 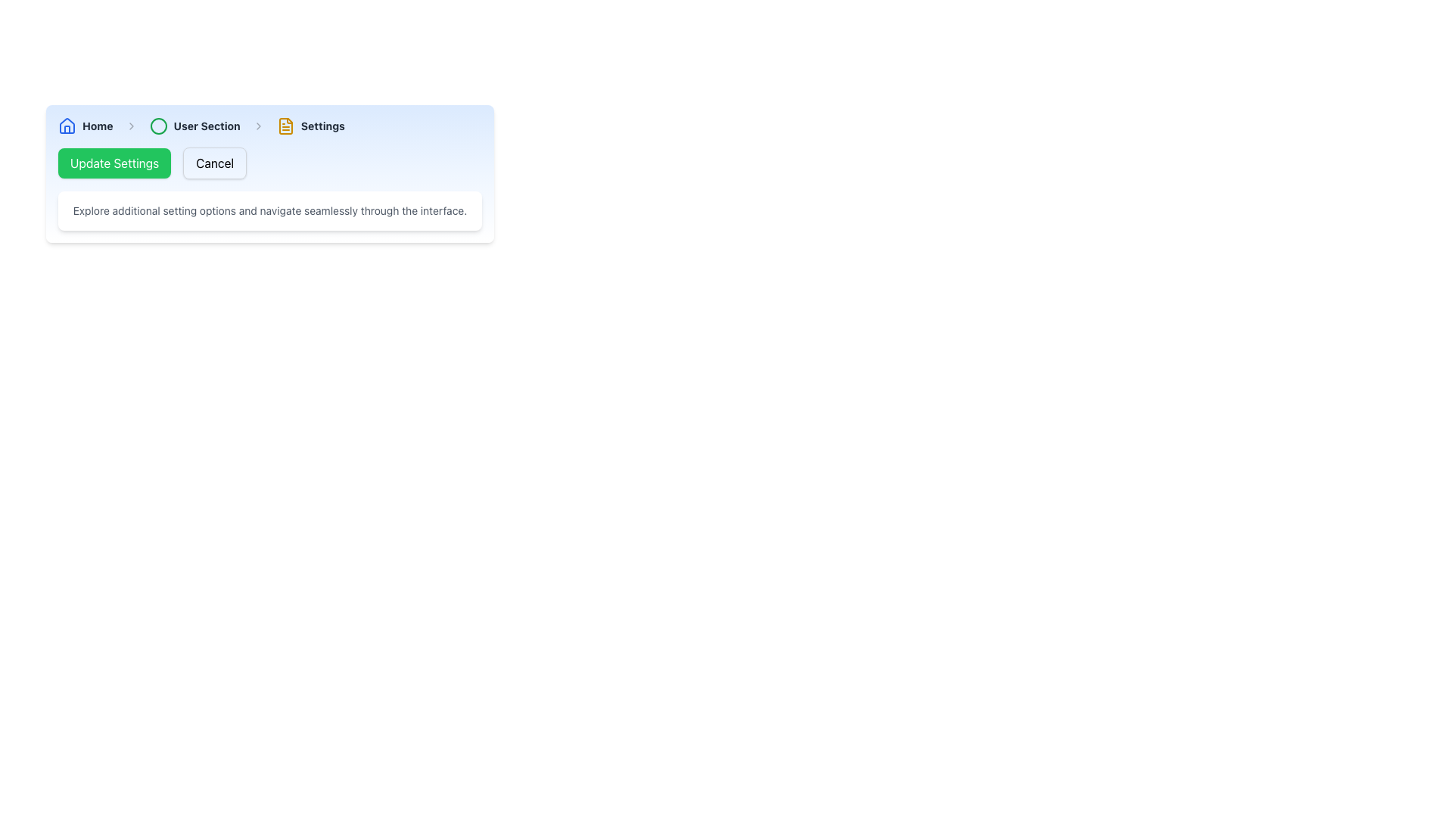 What do you see at coordinates (322, 125) in the screenshot?
I see `the 'Settings' text label, which is a bold-styled text in small, gray font located at the end of a breadcrumb navigation bar` at bounding box center [322, 125].